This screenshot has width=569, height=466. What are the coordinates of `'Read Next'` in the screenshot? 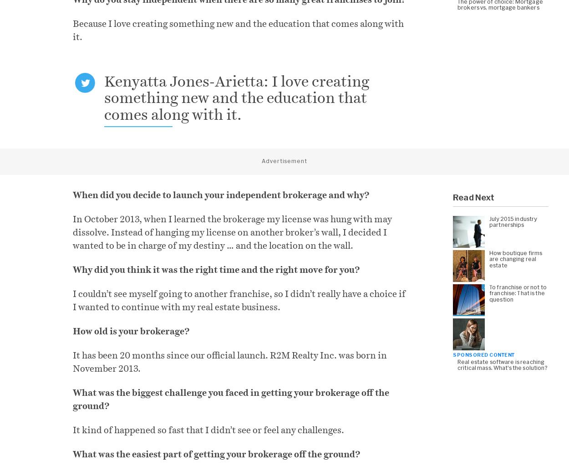 It's located at (473, 197).